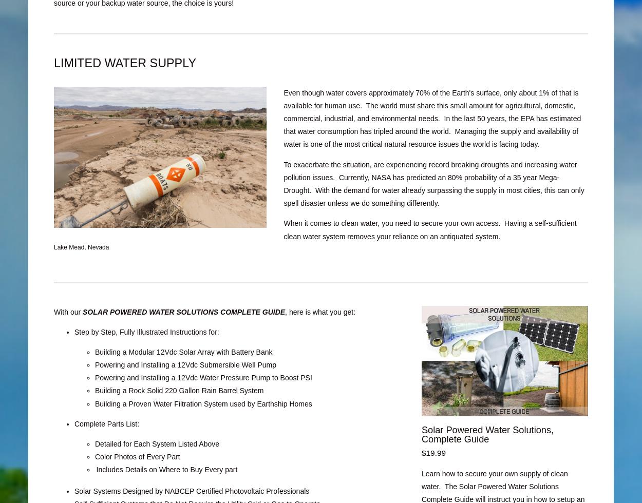  I want to click on 'Includes Details on Where to Buy Every part', so click(166, 470).